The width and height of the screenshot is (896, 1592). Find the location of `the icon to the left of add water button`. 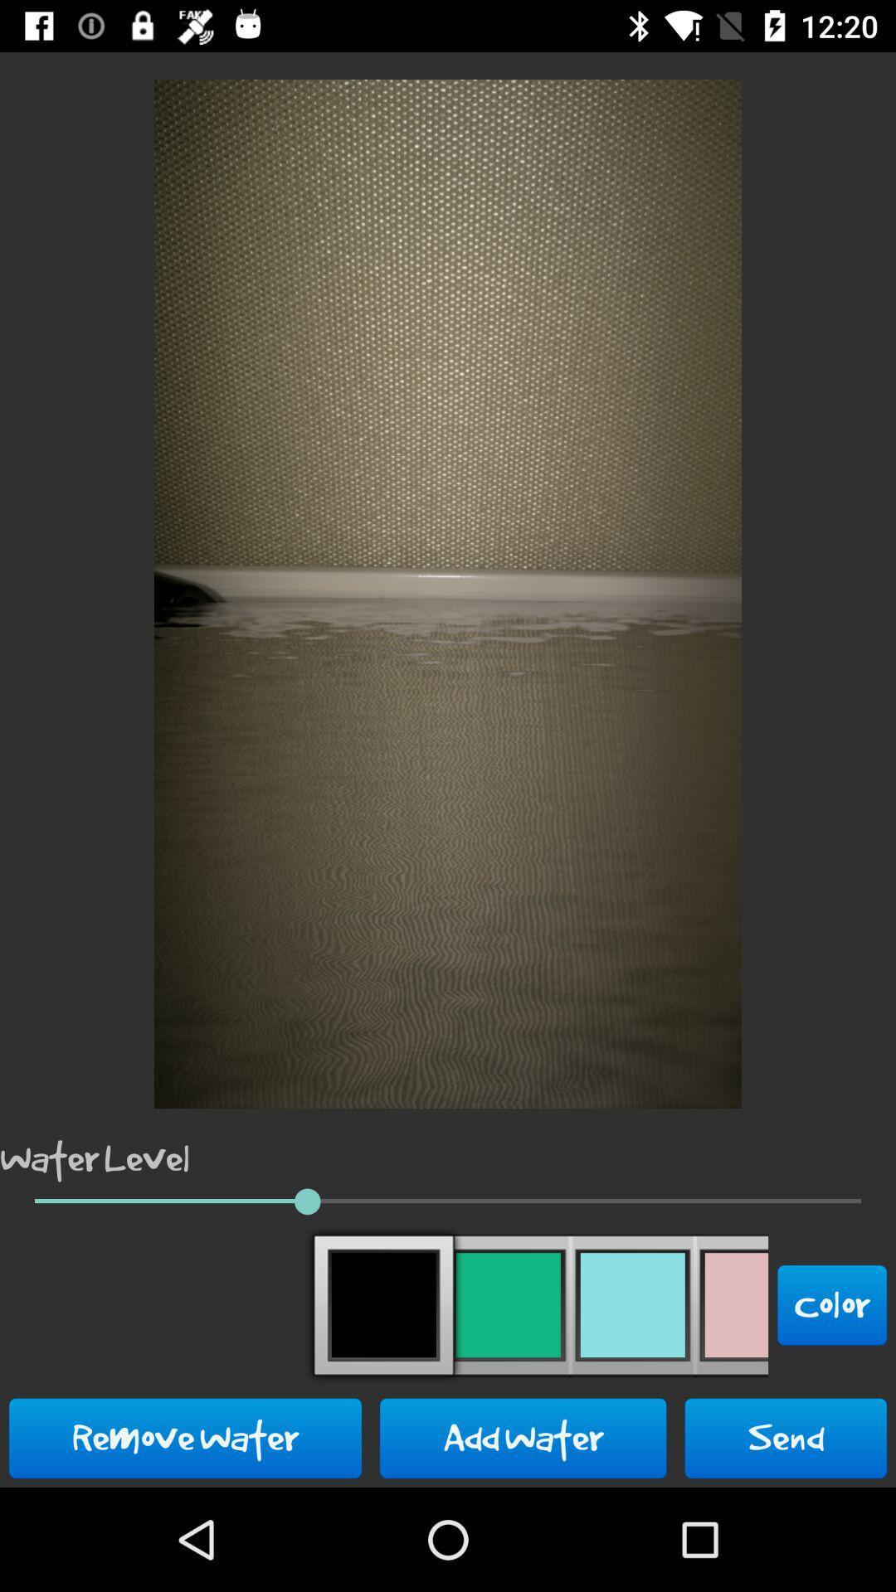

the icon to the left of add water button is located at coordinates (185, 1437).